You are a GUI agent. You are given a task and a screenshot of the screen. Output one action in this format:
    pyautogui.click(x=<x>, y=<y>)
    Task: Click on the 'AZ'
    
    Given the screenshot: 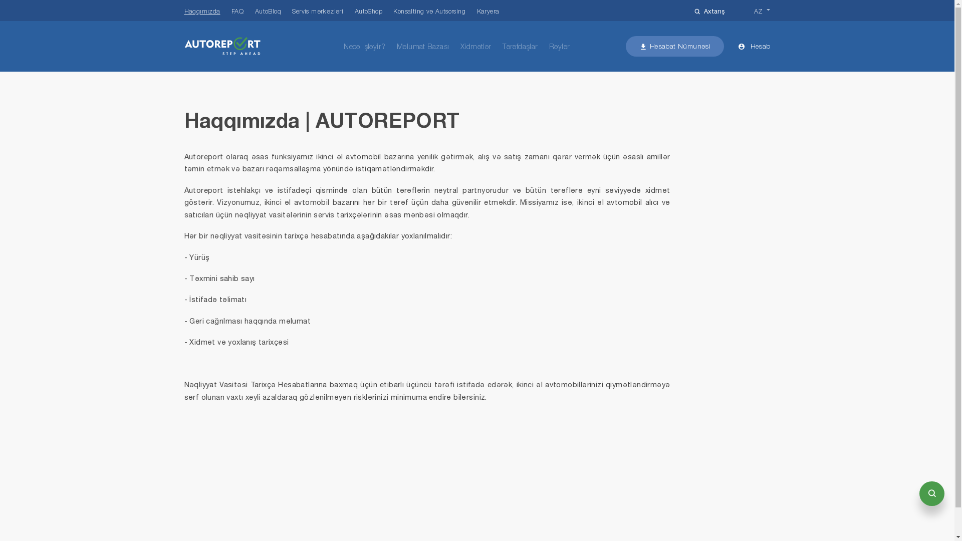 What is the action you would take?
    pyautogui.click(x=762, y=11)
    